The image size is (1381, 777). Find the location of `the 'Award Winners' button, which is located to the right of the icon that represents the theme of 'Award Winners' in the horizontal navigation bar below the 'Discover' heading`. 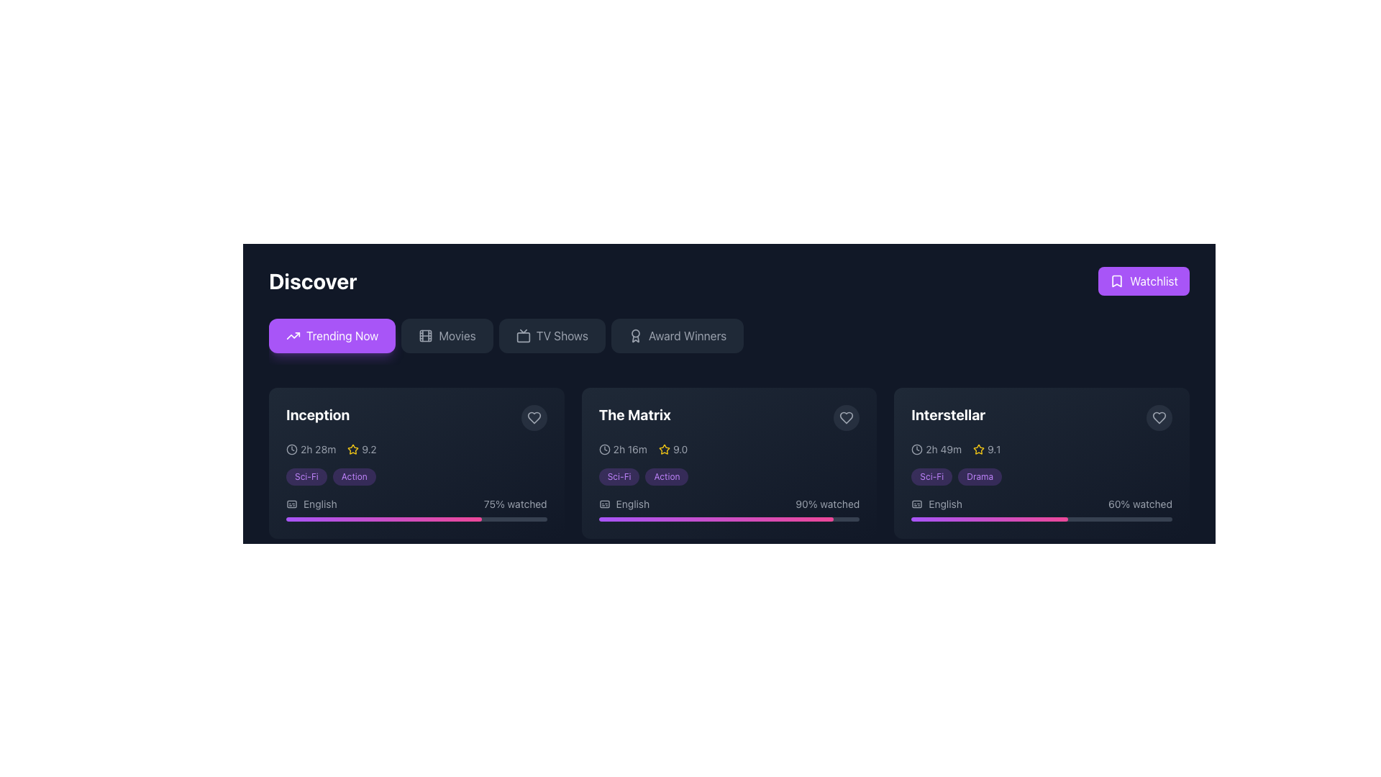

the 'Award Winners' button, which is located to the right of the icon that represents the theme of 'Award Winners' in the horizontal navigation bar below the 'Discover' heading is located at coordinates (634, 335).